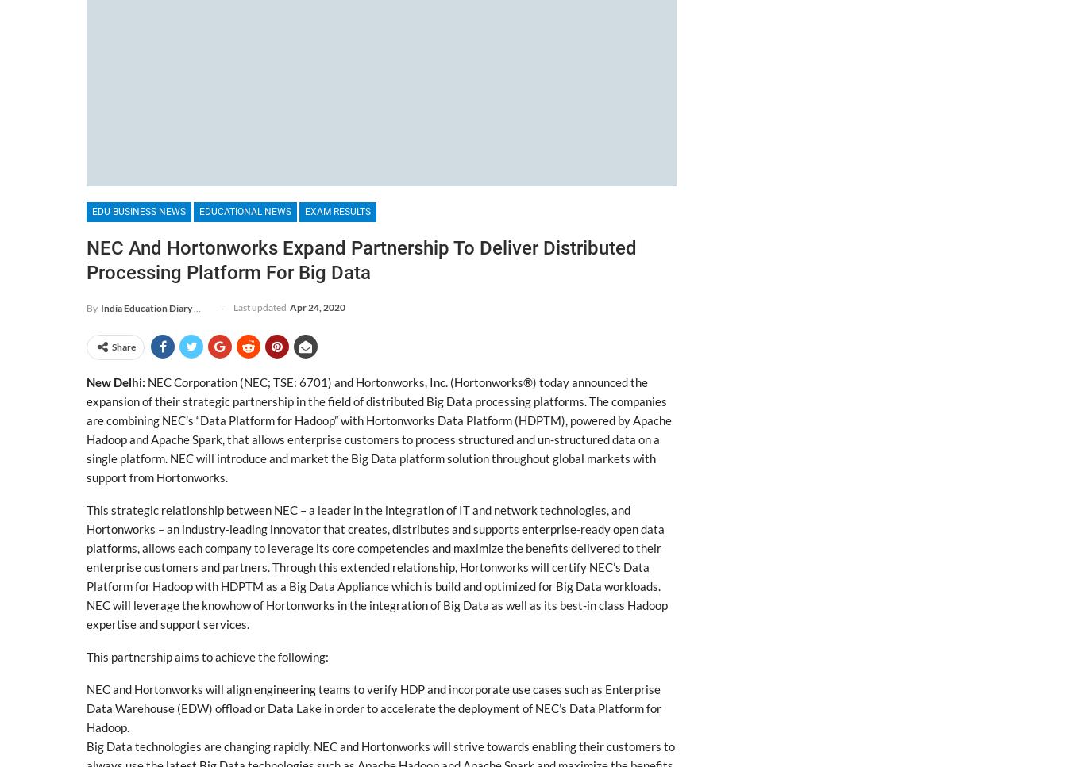 This screenshot has width=1072, height=767. Describe the element at coordinates (115, 382) in the screenshot. I see `'New Delhi:'` at that location.